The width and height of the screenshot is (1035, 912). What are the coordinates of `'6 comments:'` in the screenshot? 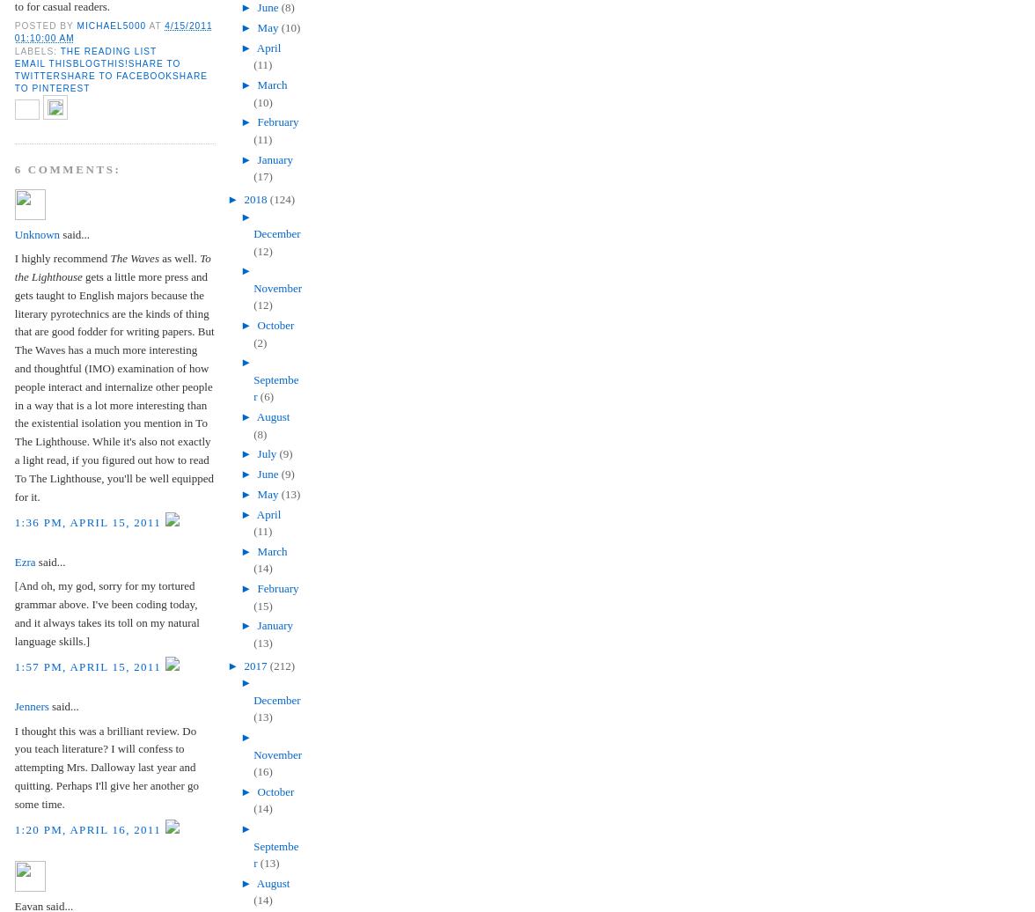 It's located at (13, 168).